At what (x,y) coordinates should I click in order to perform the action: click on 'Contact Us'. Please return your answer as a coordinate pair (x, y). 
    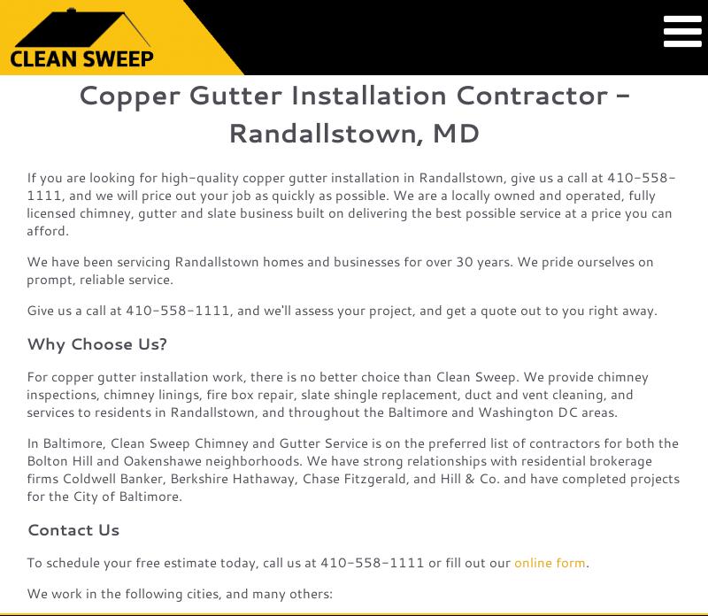
    Looking at the image, I should click on (73, 528).